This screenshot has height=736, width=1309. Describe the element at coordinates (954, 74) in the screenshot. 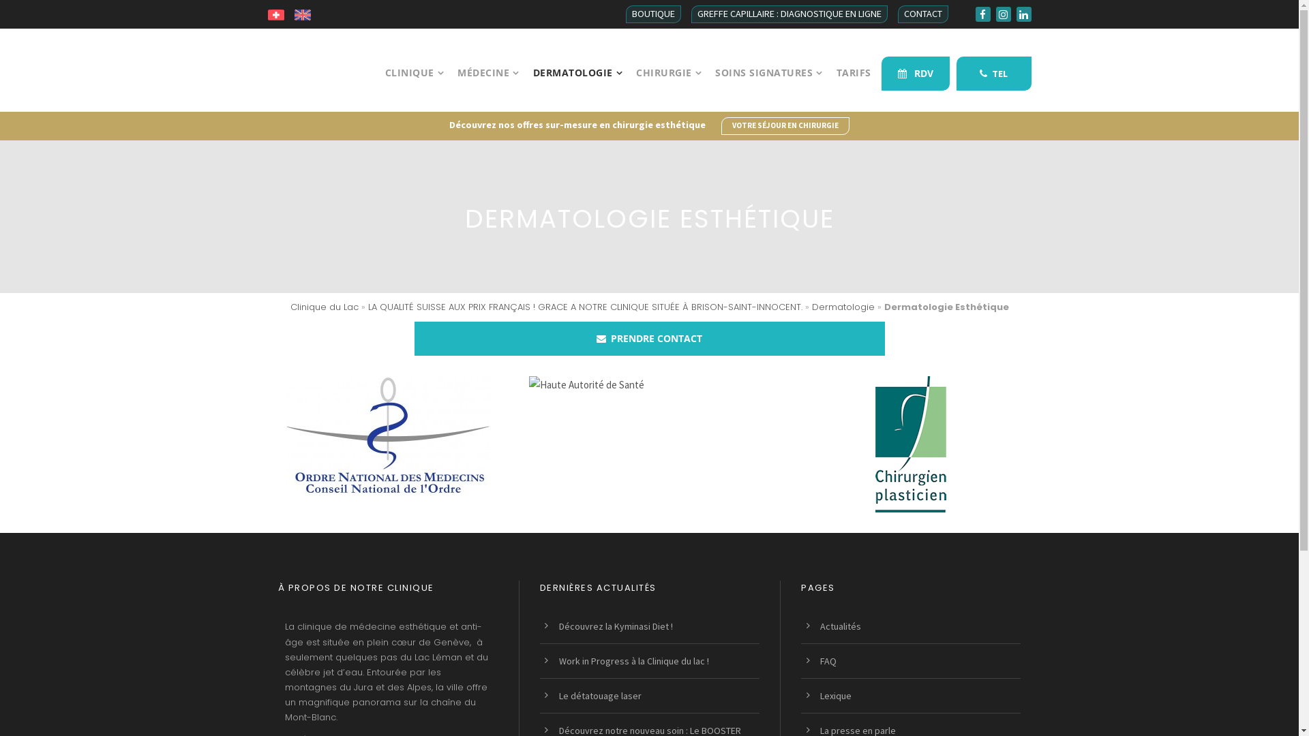

I see `'TEL'` at that location.